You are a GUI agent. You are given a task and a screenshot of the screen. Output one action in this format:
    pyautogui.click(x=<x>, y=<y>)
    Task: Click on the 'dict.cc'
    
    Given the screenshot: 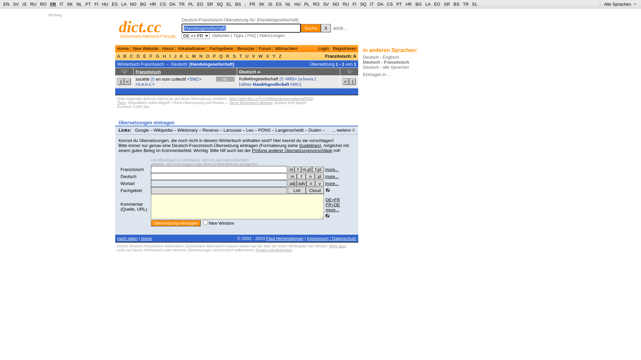 What is the action you would take?
    pyautogui.click(x=140, y=26)
    